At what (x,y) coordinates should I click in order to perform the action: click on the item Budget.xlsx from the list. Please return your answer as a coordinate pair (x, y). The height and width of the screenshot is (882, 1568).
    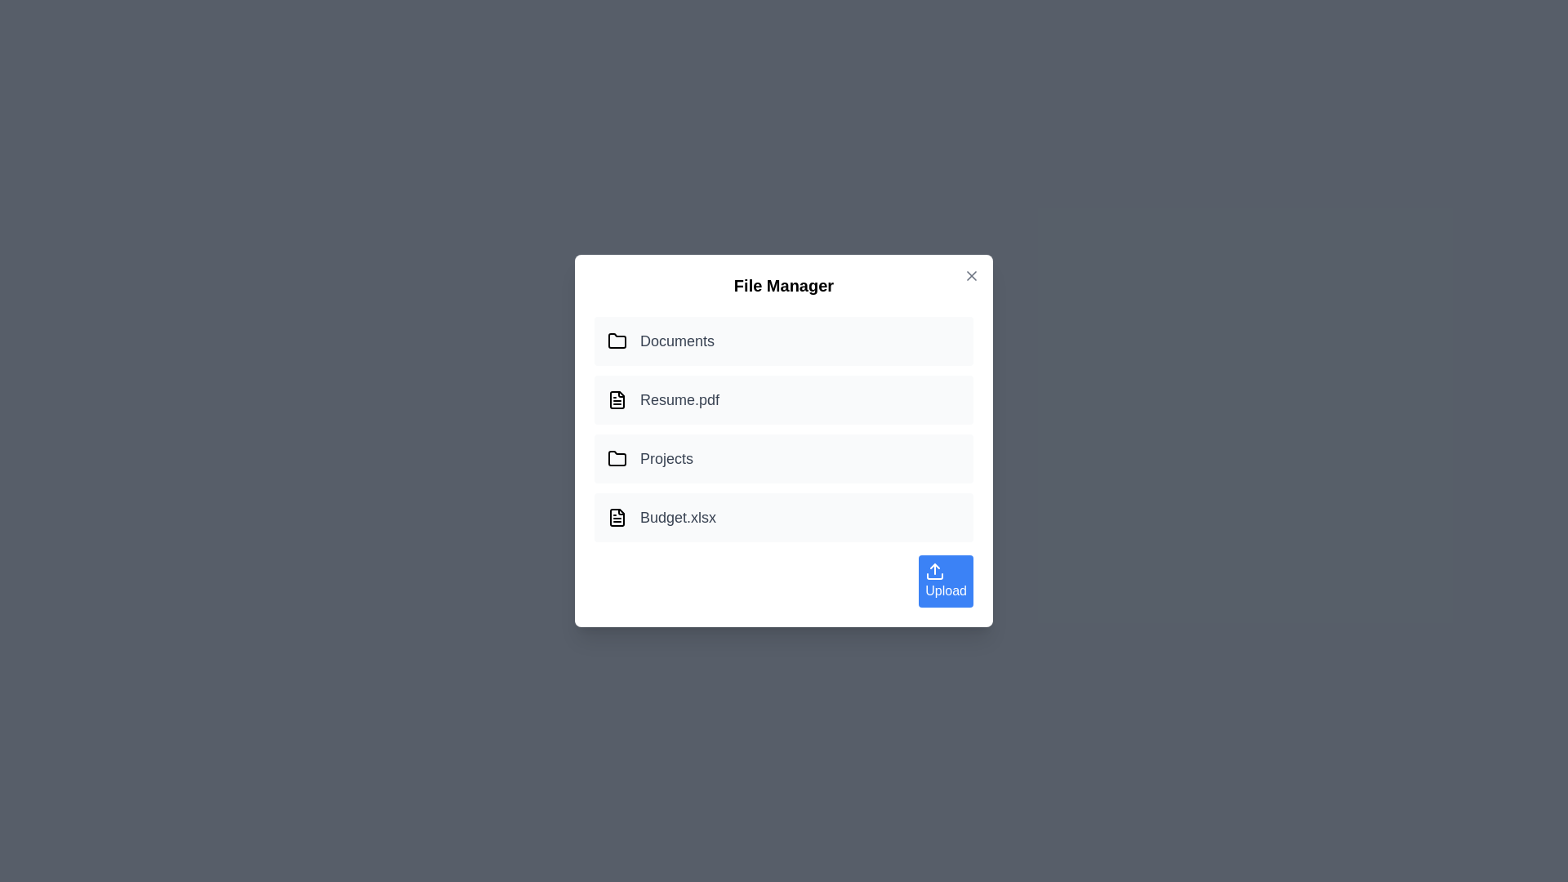
    Looking at the image, I should click on (784, 517).